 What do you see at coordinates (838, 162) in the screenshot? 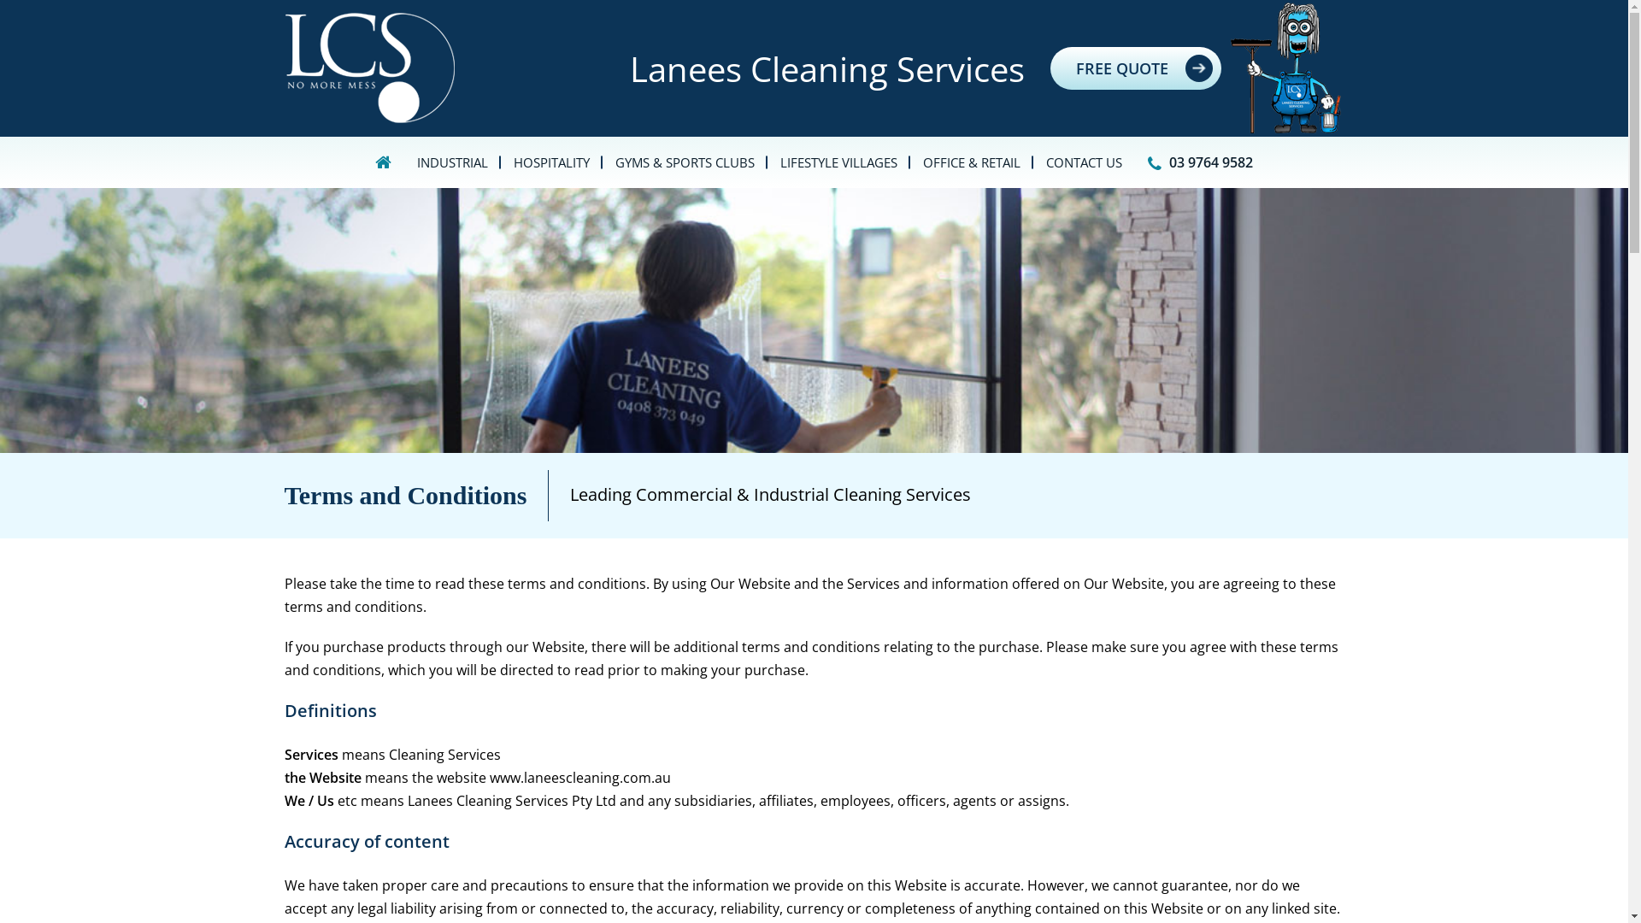
I see `'LIFESTYLE VILLAGES'` at bounding box center [838, 162].